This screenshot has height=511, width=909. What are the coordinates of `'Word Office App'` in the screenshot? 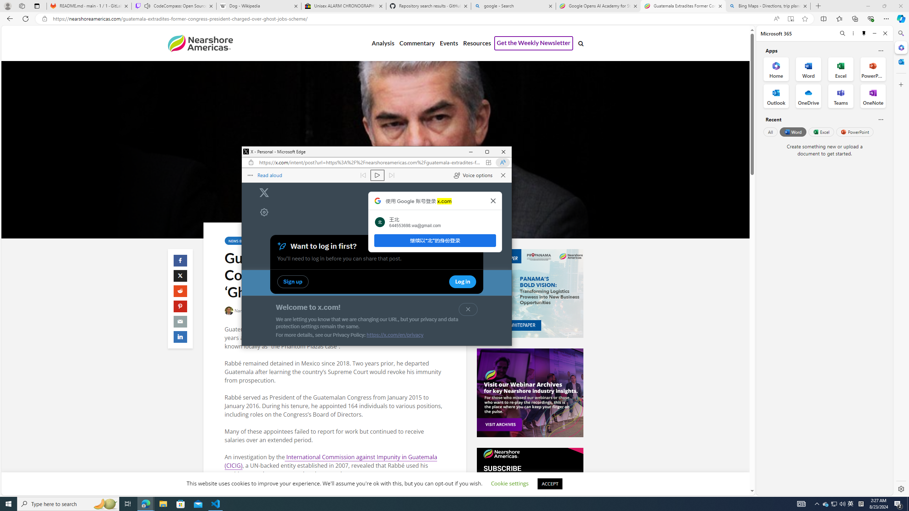 It's located at (808, 69).